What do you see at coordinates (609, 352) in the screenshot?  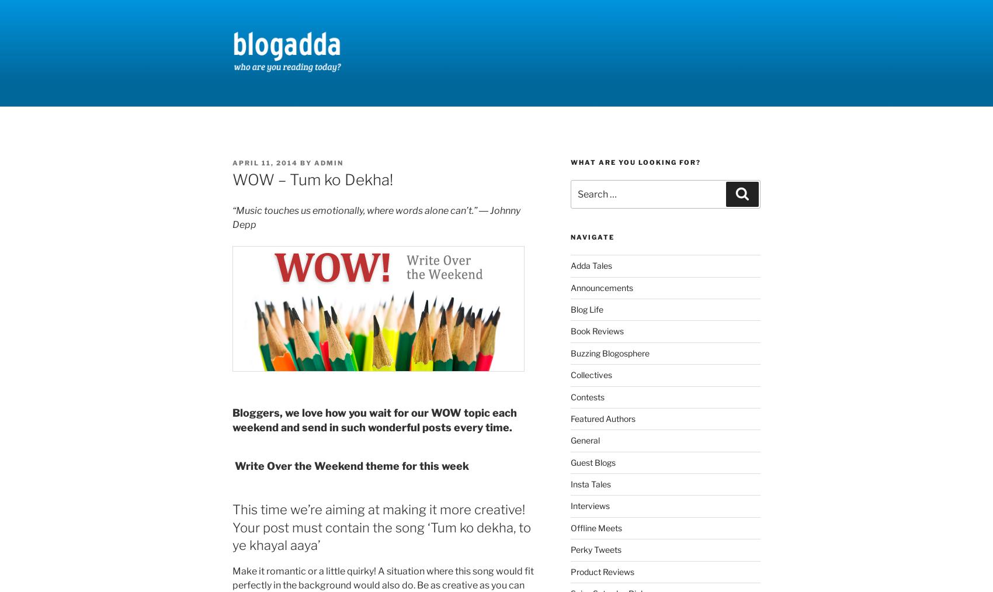 I see `'Buzzing Blogosphere'` at bounding box center [609, 352].